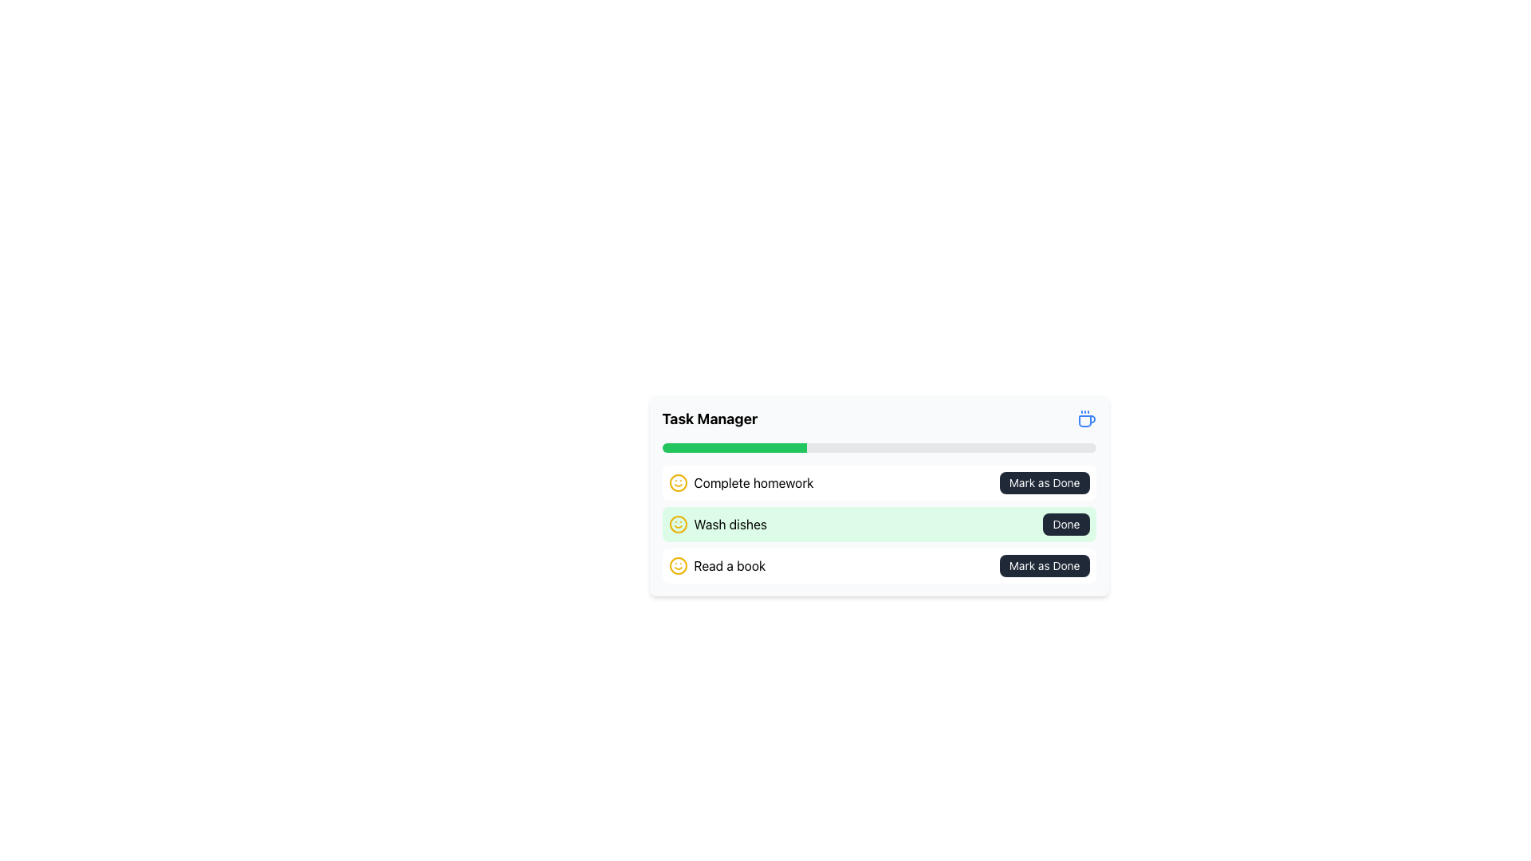 The image size is (1531, 861). I want to click on the central circle of the smiley face graphic, which serves as a decorative element for the task 'Wash dishes.', so click(678, 482).